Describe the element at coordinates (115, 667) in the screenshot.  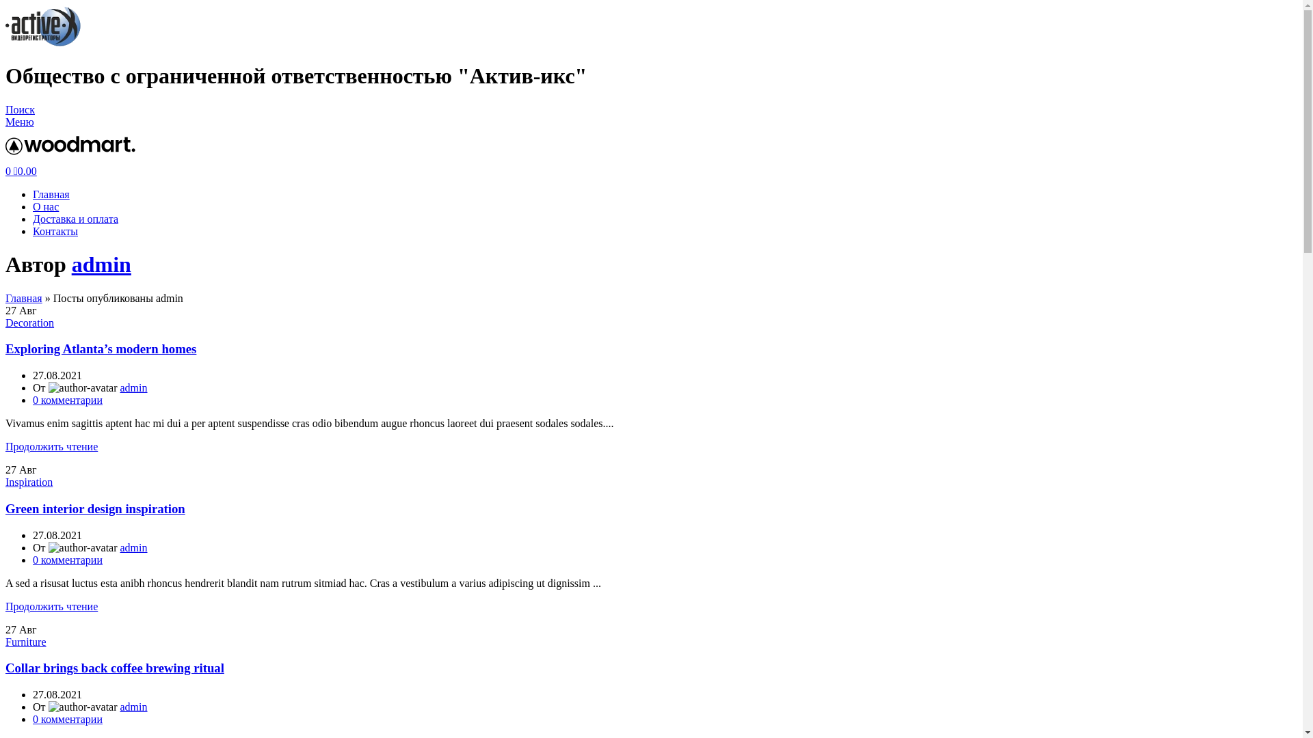
I see `'Collar brings back coffee brewing ritual'` at that location.